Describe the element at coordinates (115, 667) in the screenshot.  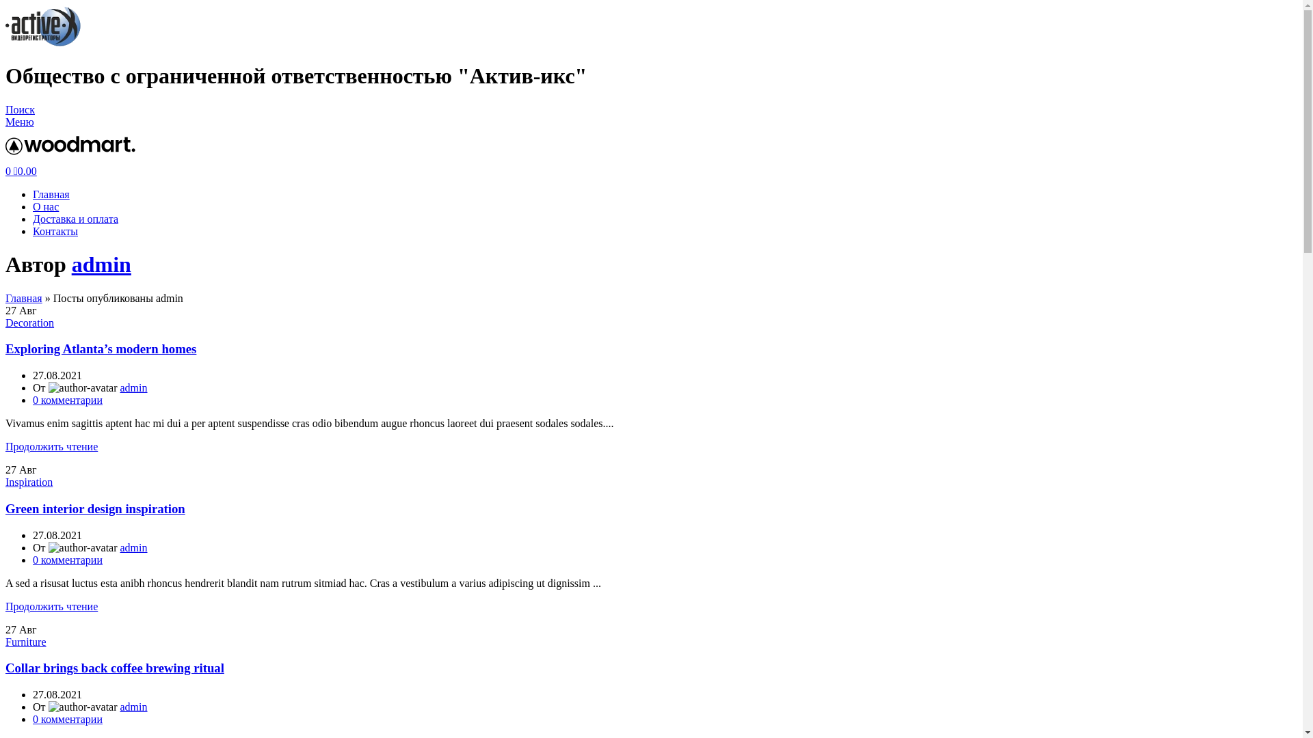
I see `'Collar brings back coffee brewing ritual'` at that location.